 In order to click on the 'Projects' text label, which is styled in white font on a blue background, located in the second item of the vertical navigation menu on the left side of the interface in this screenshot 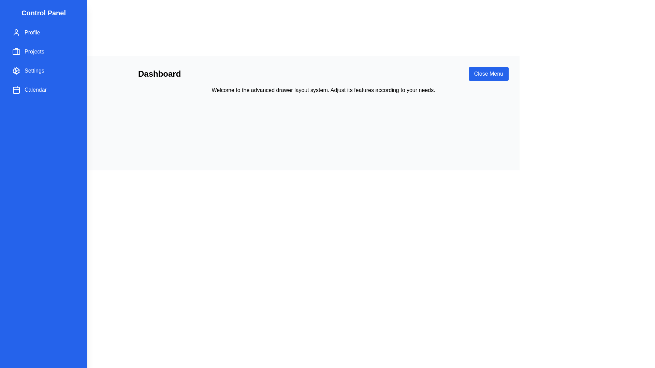, I will do `click(34, 51)`.